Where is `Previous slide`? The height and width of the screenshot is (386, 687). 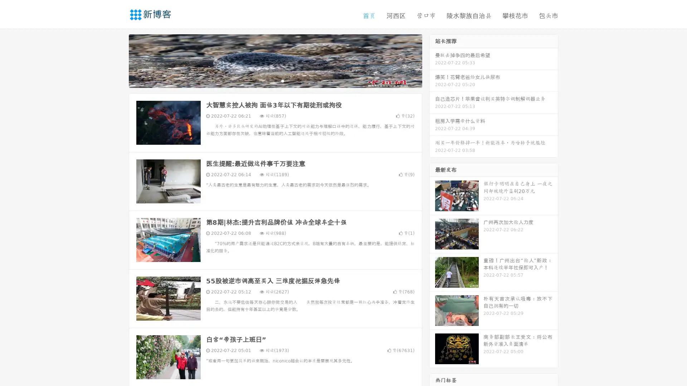
Previous slide is located at coordinates (118, 60).